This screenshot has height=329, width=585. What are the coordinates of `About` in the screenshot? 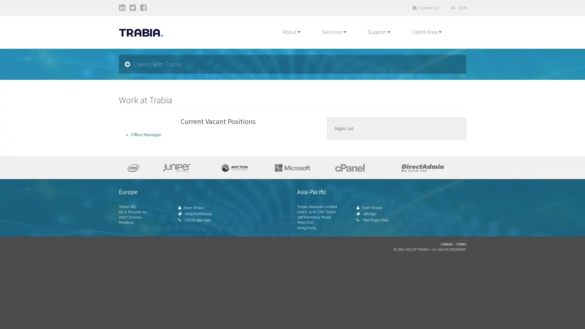 It's located at (291, 32).